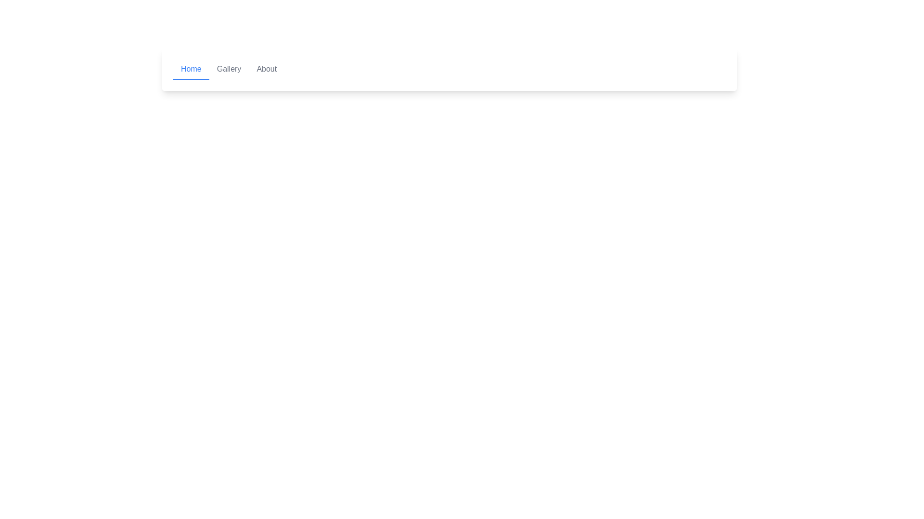  I want to click on the 'Home' button in the navigation bar, which is styled as a text link with a blue font and underline, so click(191, 69).